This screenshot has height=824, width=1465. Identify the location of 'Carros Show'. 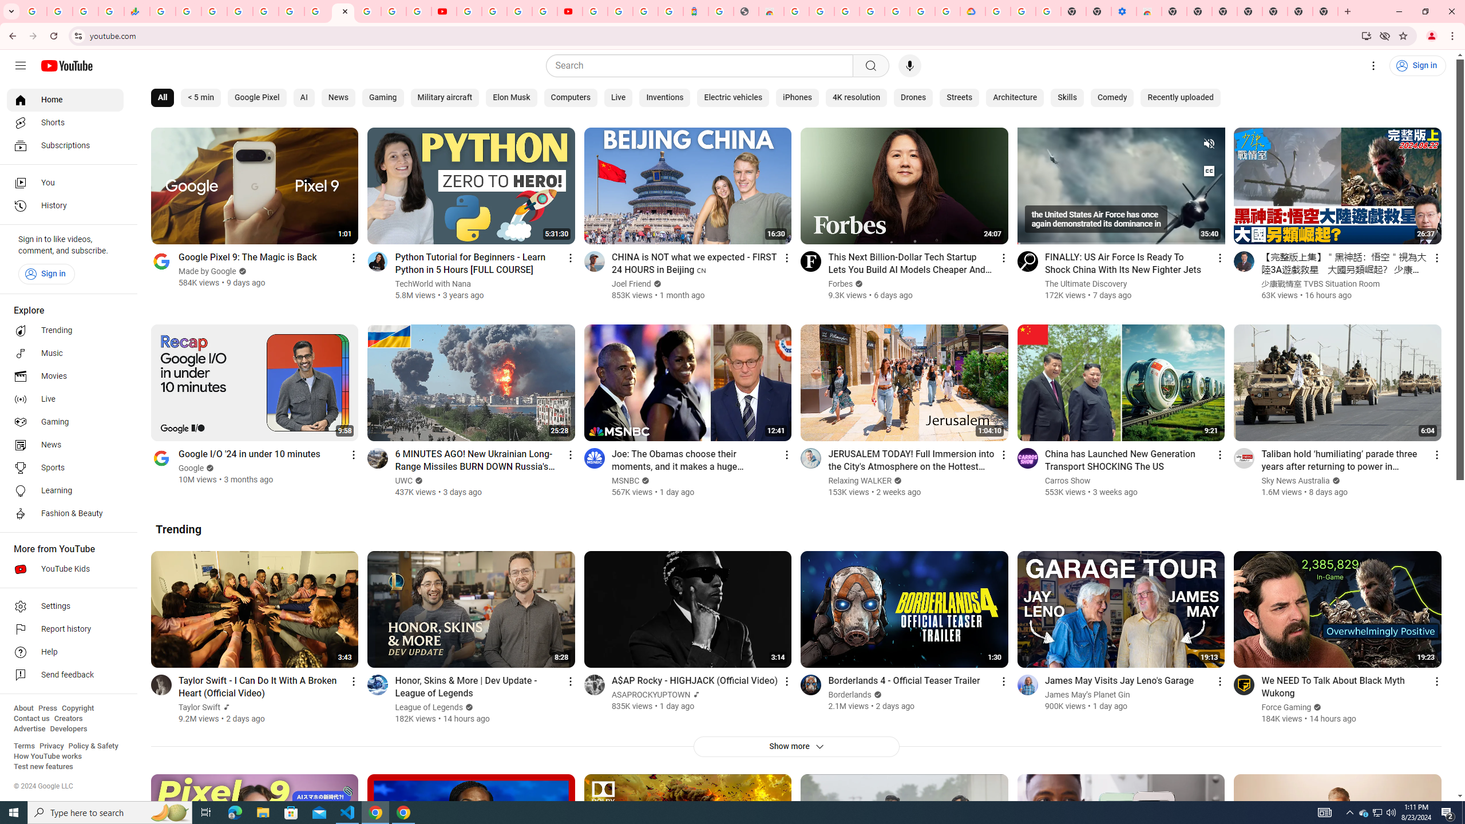
(1068, 480).